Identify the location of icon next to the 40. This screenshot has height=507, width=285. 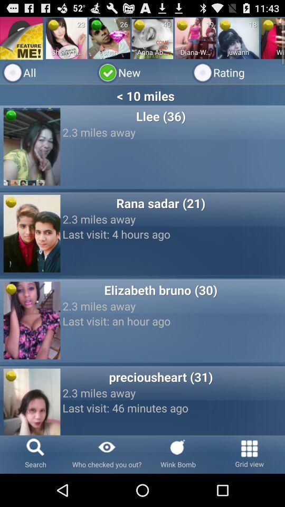
(139, 24).